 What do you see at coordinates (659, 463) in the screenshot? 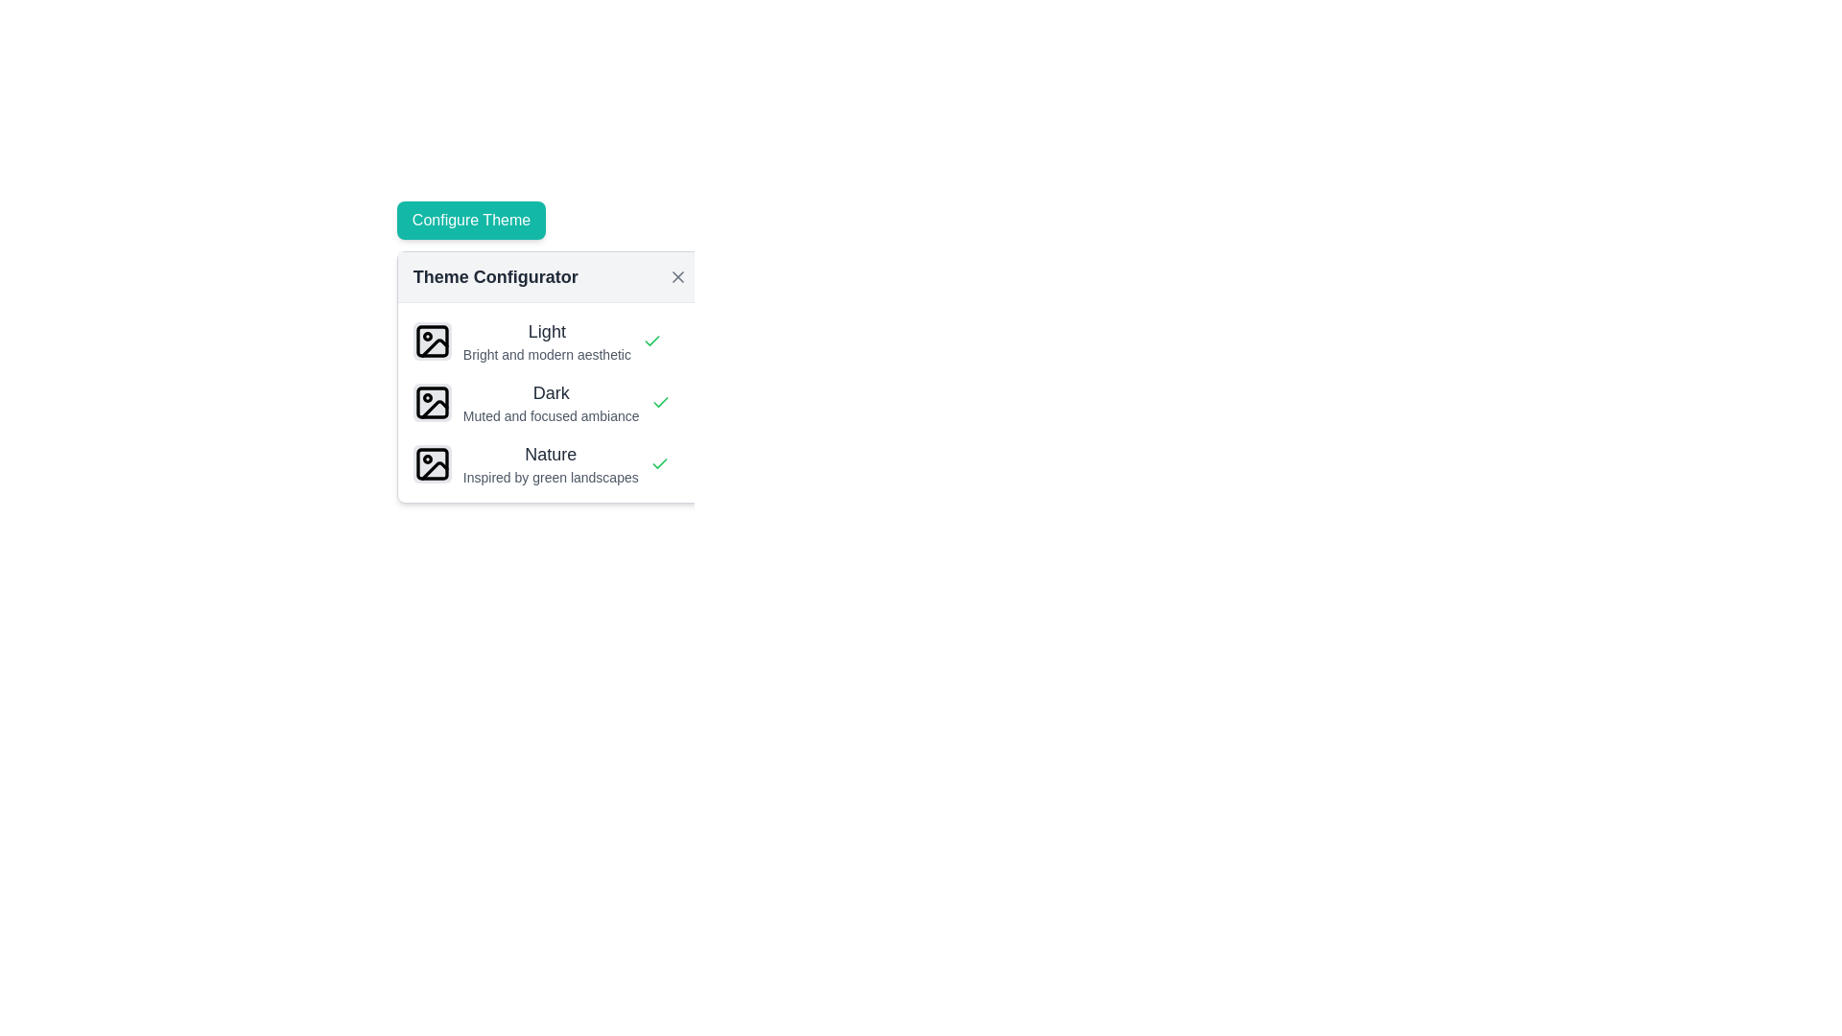
I see `the green checkmark icon located to the right of the 'Nature' option in the 'Theme Configurator' modal` at bounding box center [659, 463].